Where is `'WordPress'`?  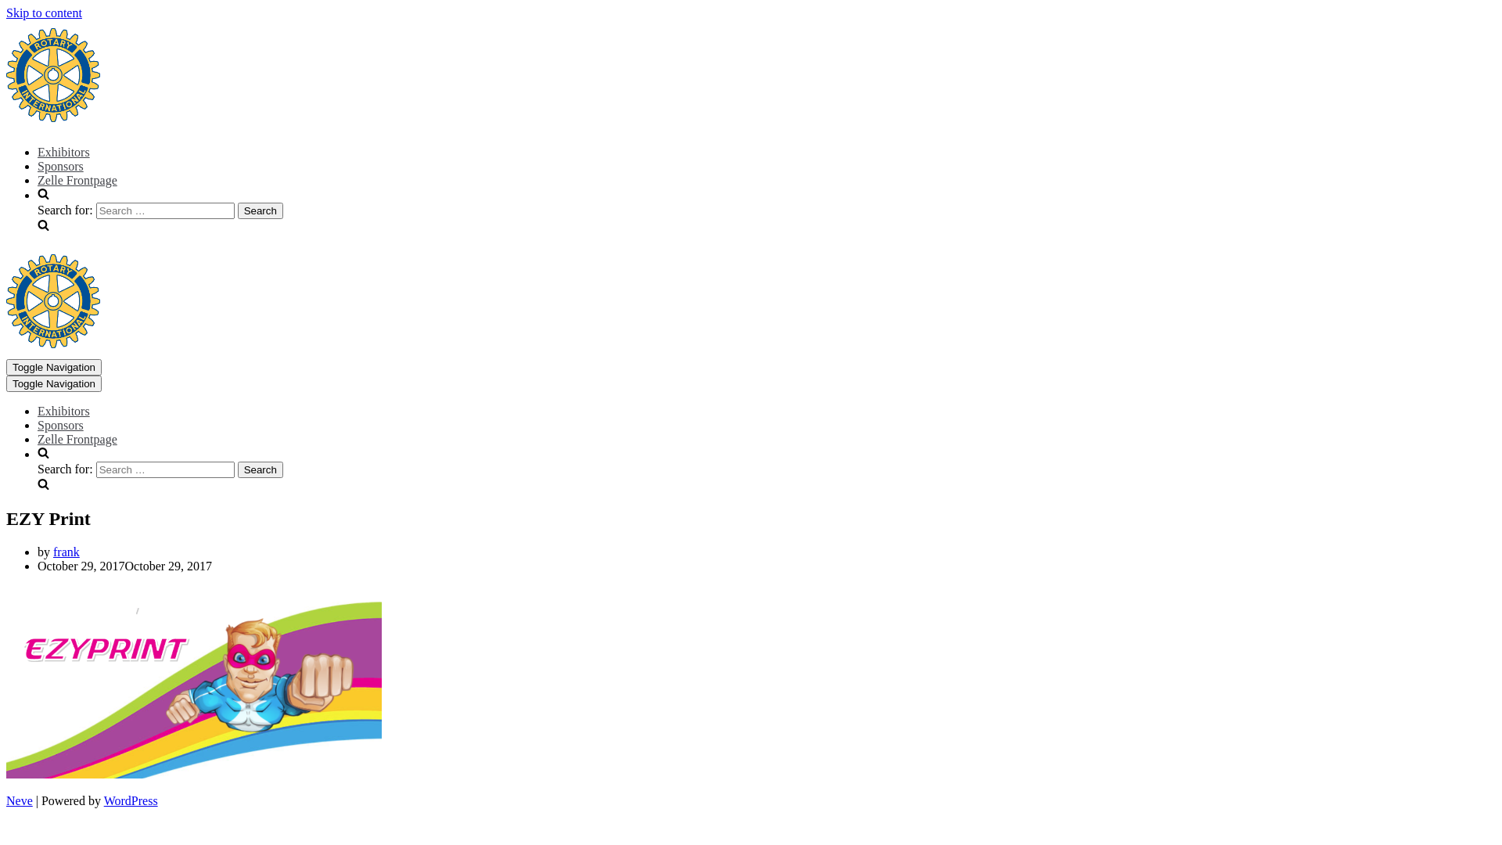 'WordPress' is located at coordinates (131, 800).